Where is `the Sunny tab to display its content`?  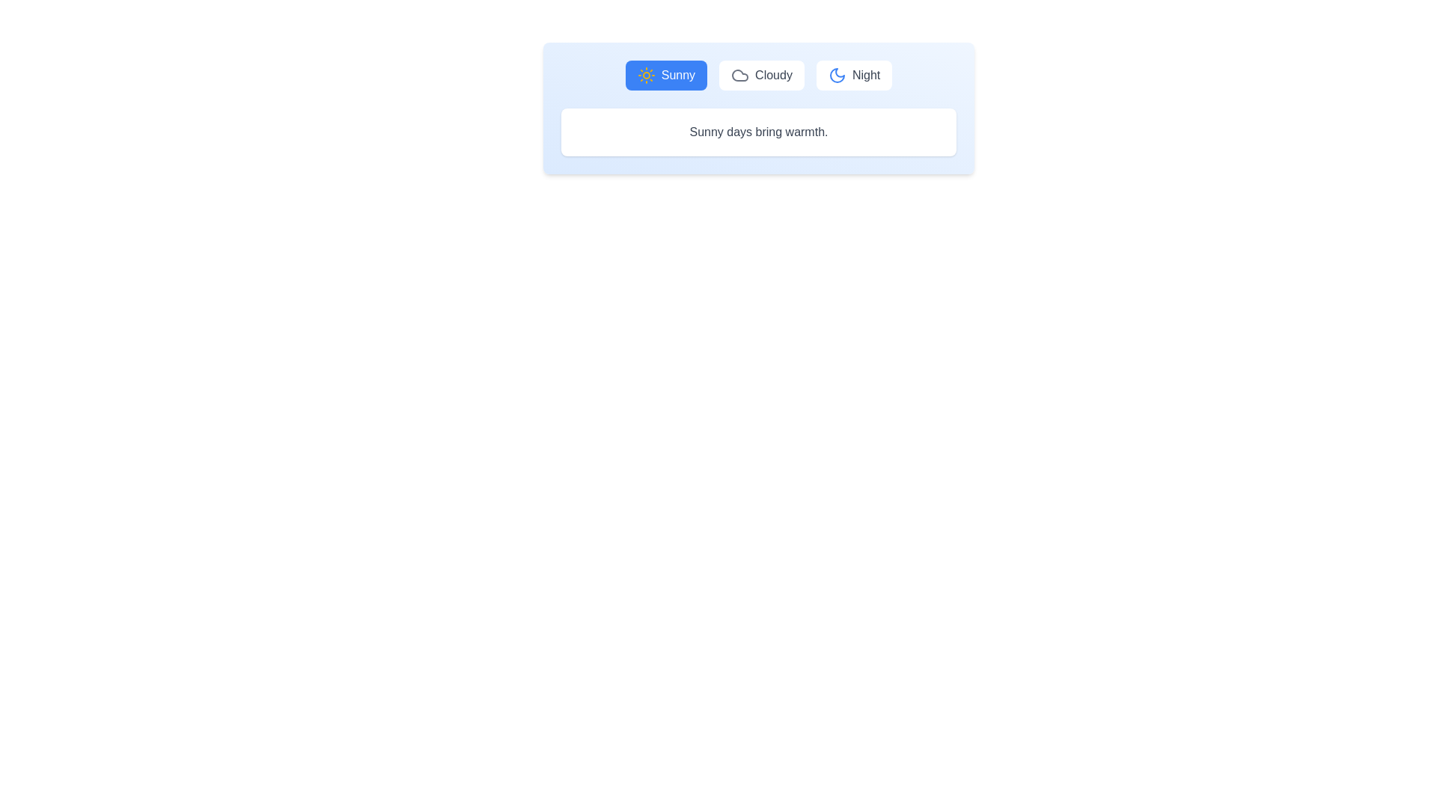
the Sunny tab to display its content is located at coordinates (665, 75).